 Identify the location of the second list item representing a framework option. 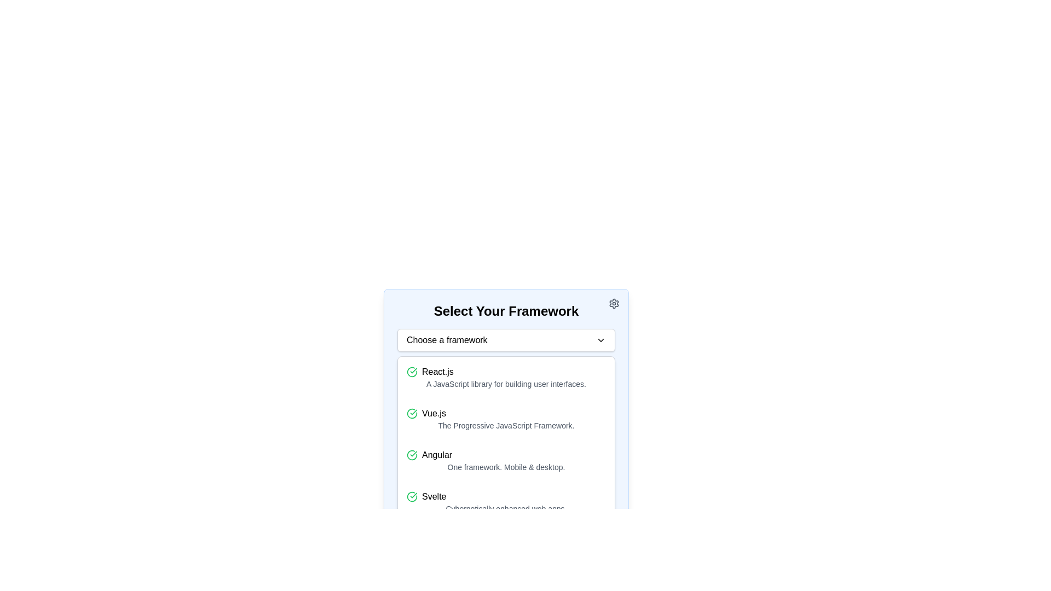
(506, 419).